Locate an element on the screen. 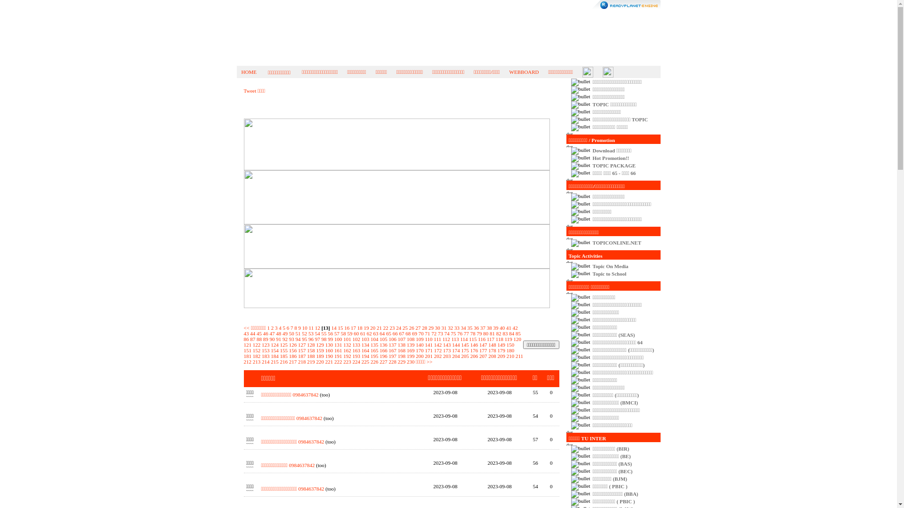  '130' is located at coordinates (329, 344).